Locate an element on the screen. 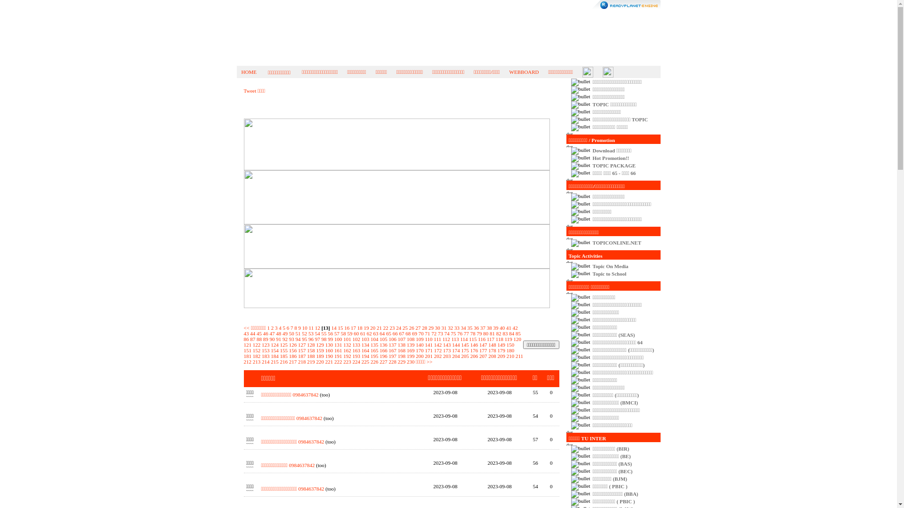  '130' is located at coordinates (329, 344).